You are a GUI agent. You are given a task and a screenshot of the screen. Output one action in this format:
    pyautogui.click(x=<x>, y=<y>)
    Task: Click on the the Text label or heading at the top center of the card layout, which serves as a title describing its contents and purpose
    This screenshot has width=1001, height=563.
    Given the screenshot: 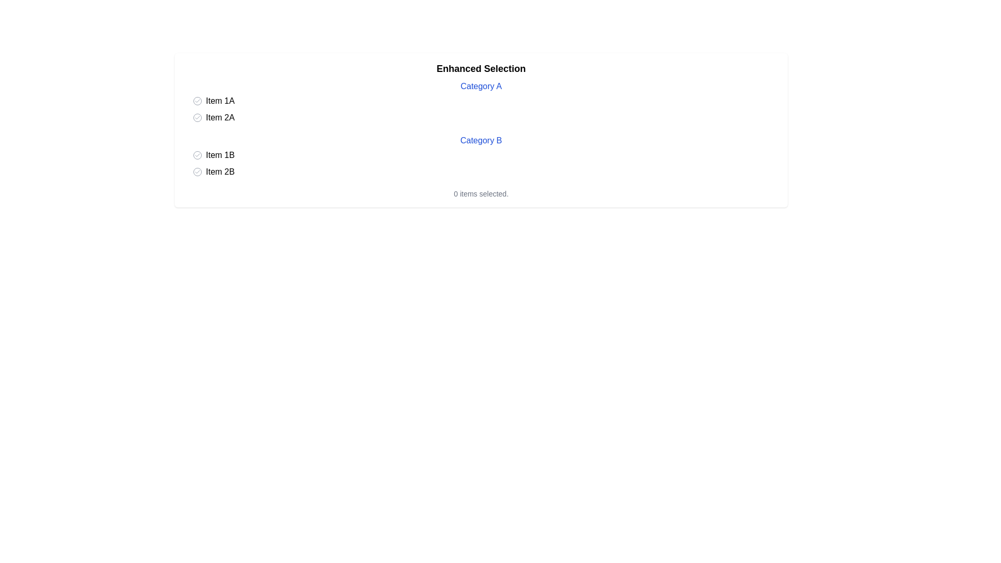 What is the action you would take?
    pyautogui.click(x=480, y=68)
    